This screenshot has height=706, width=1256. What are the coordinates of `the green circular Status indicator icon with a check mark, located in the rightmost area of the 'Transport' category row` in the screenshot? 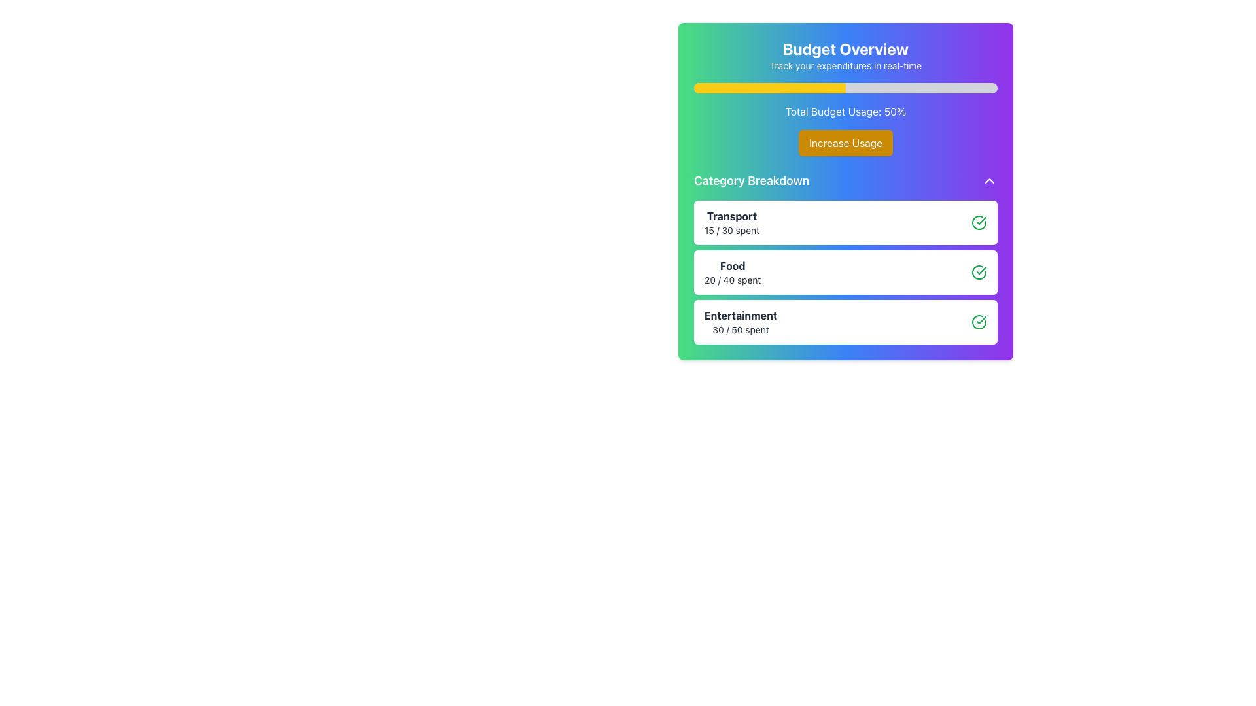 It's located at (979, 222).